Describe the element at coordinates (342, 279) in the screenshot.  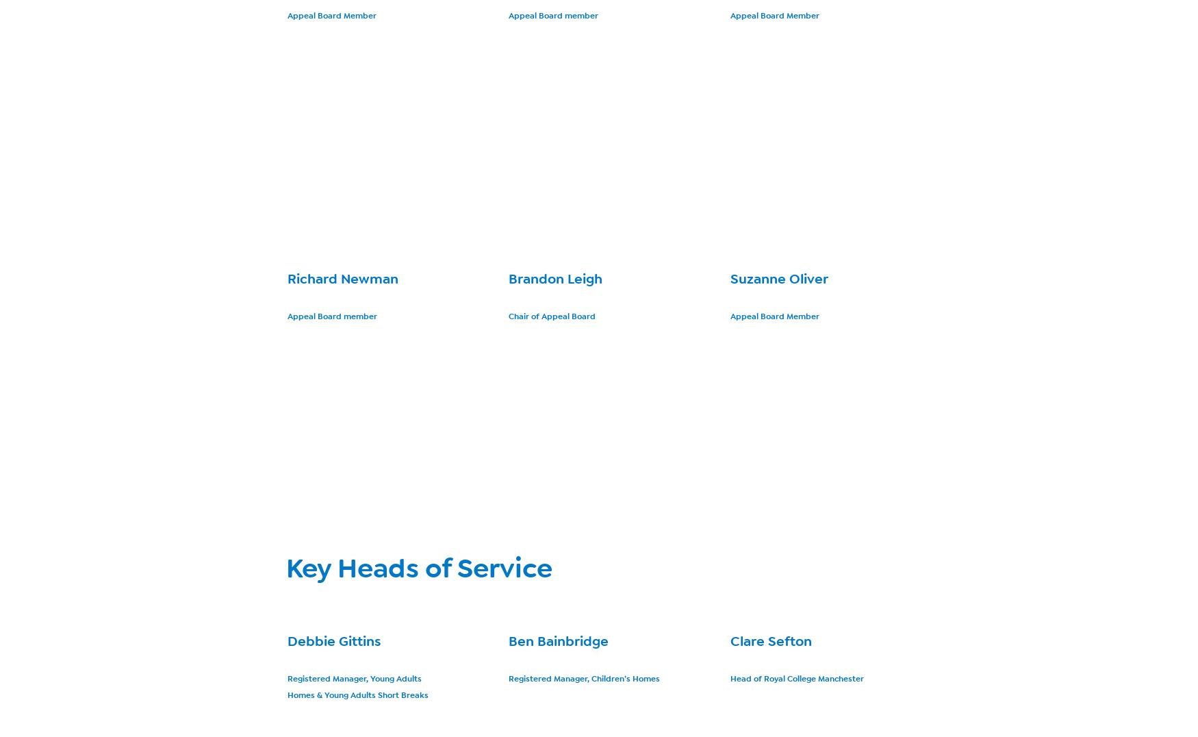
I see `'Richard Newman'` at that location.